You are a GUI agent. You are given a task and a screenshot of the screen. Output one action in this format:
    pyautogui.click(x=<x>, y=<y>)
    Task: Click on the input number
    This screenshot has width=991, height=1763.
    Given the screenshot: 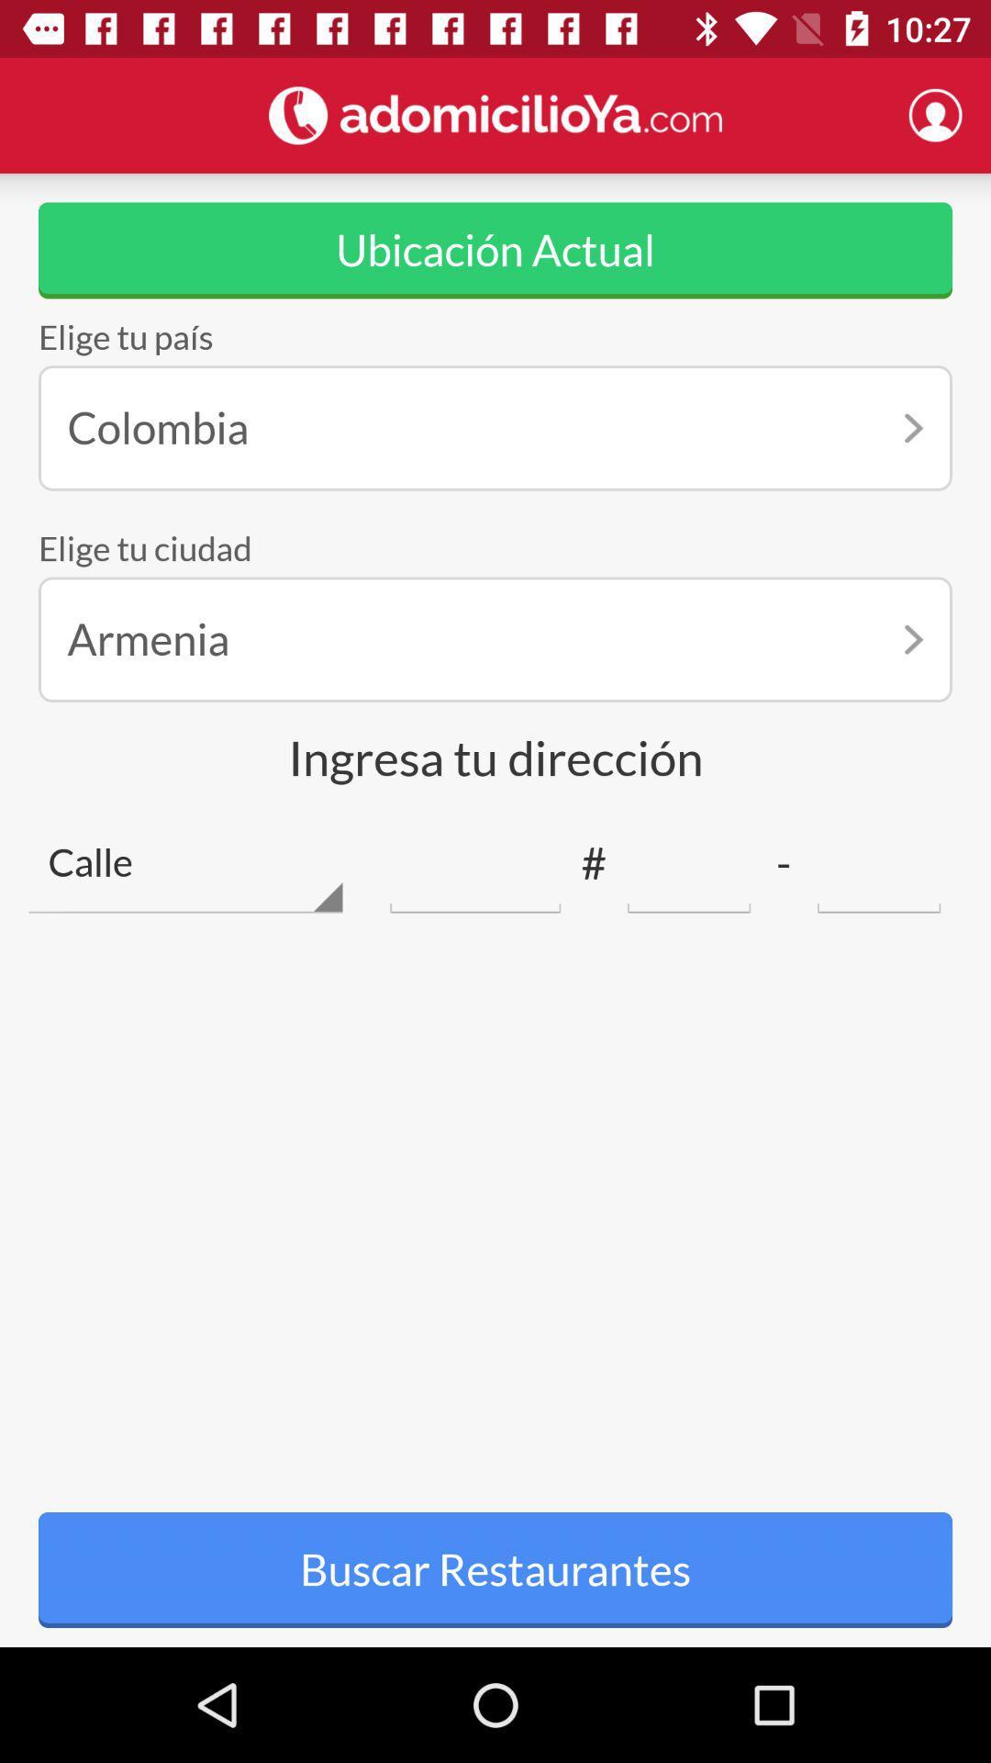 What is the action you would take?
    pyautogui.click(x=878, y=862)
    